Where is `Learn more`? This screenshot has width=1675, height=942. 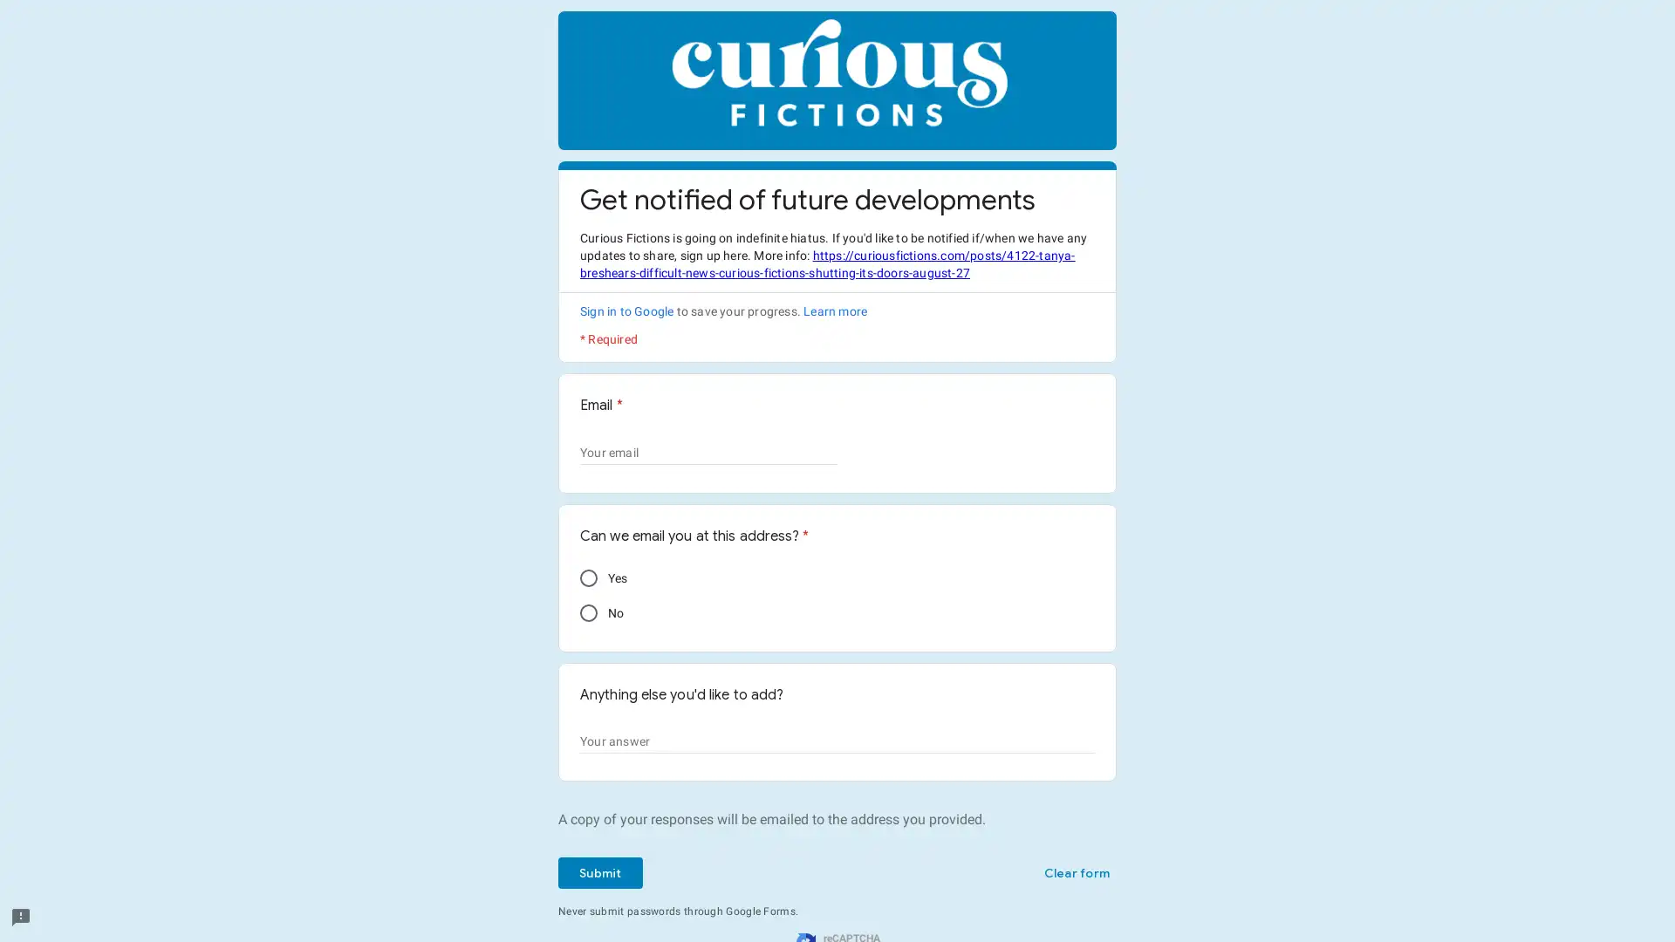 Learn more is located at coordinates (834, 311).